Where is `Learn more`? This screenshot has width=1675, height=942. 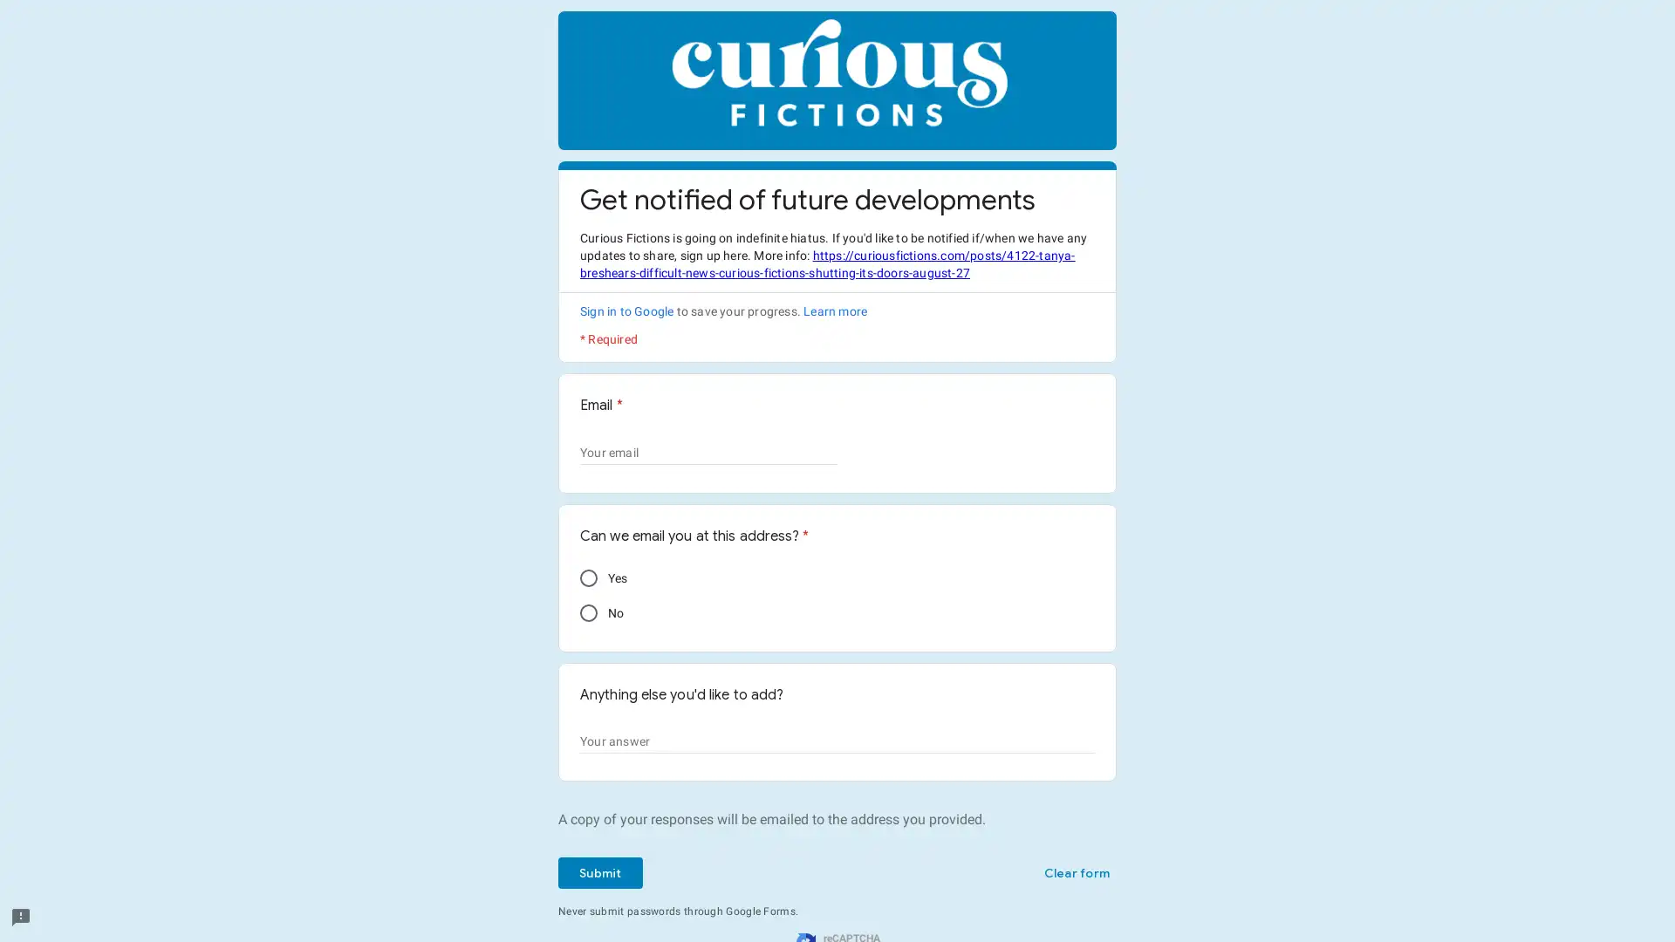 Learn more is located at coordinates (834, 311).